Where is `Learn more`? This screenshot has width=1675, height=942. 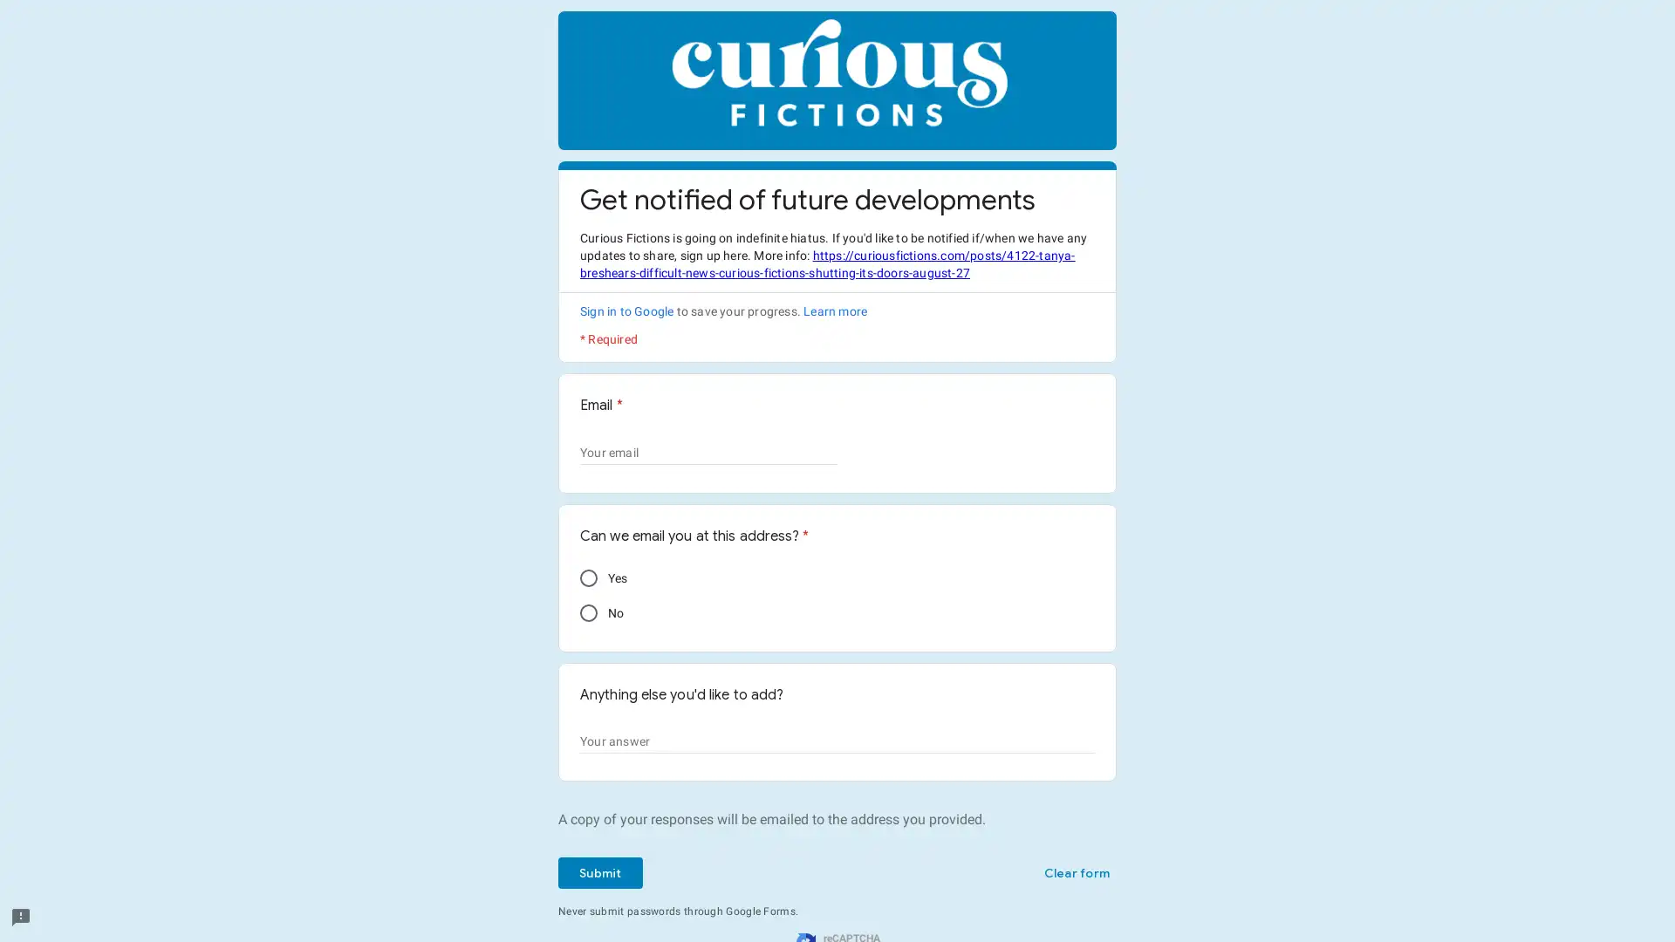 Learn more is located at coordinates (834, 311).